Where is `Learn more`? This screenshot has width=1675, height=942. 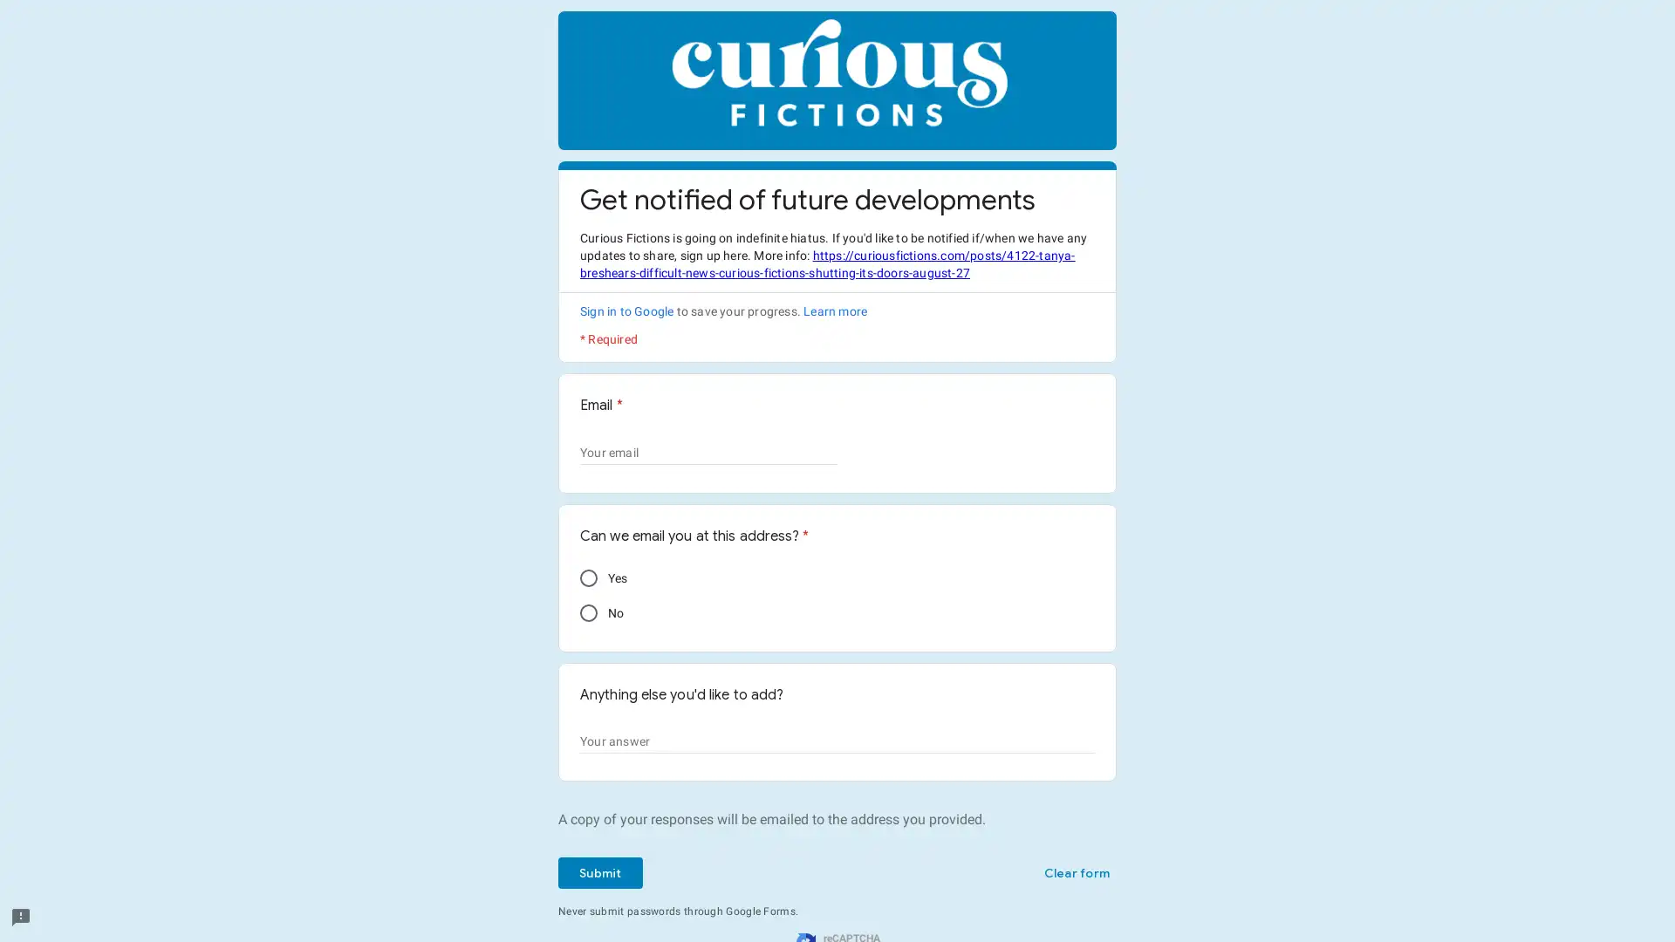 Learn more is located at coordinates (834, 311).